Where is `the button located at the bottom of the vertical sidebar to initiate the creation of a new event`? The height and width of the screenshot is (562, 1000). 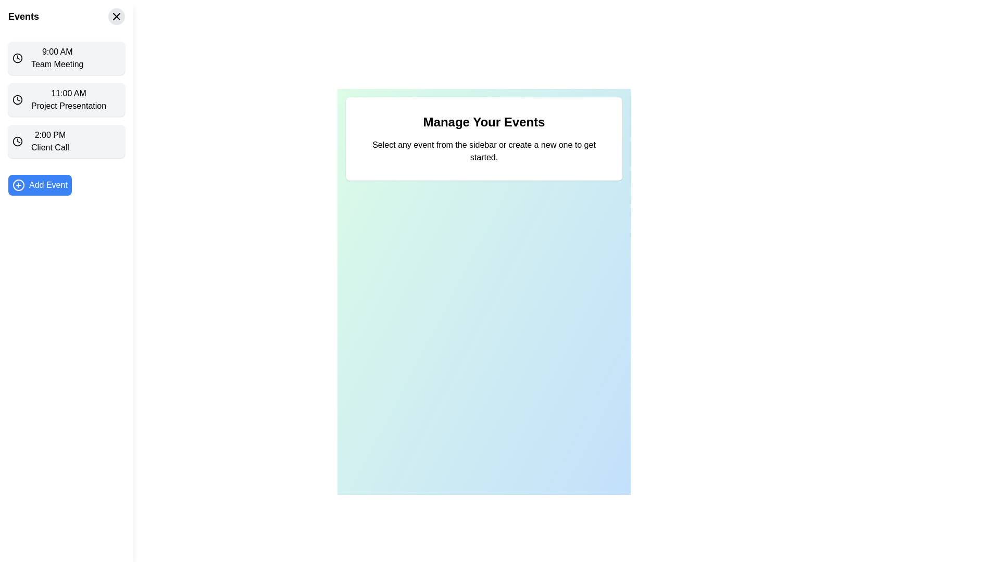 the button located at the bottom of the vertical sidebar to initiate the creation of a new event is located at coordinates (40, 184).